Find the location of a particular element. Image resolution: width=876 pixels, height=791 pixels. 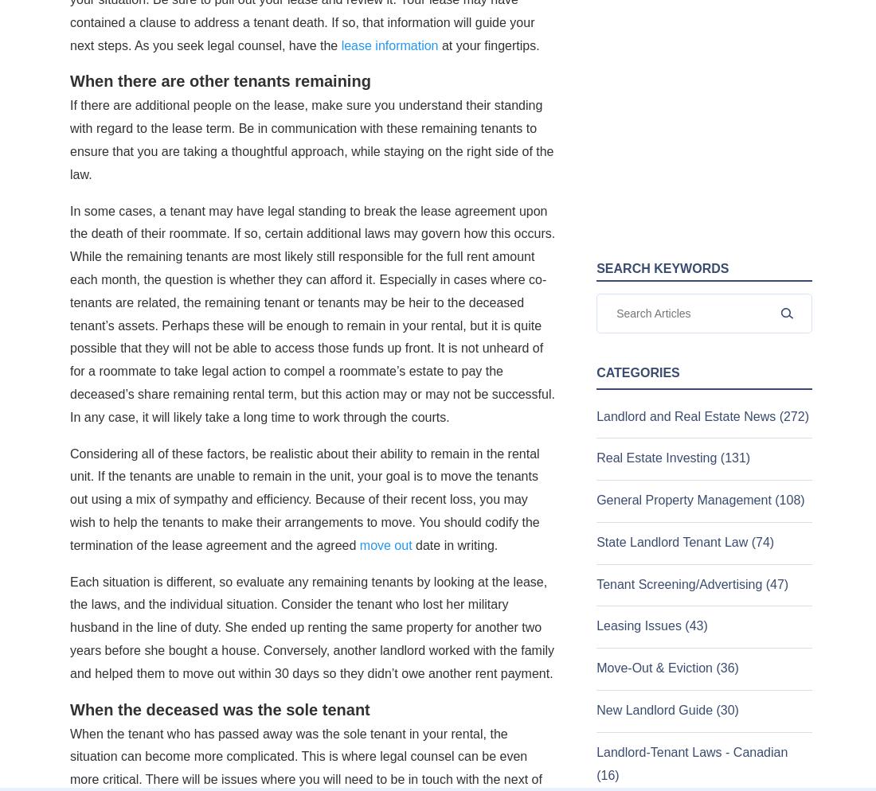

'Subscribe' is located at coordinates (114, 270).